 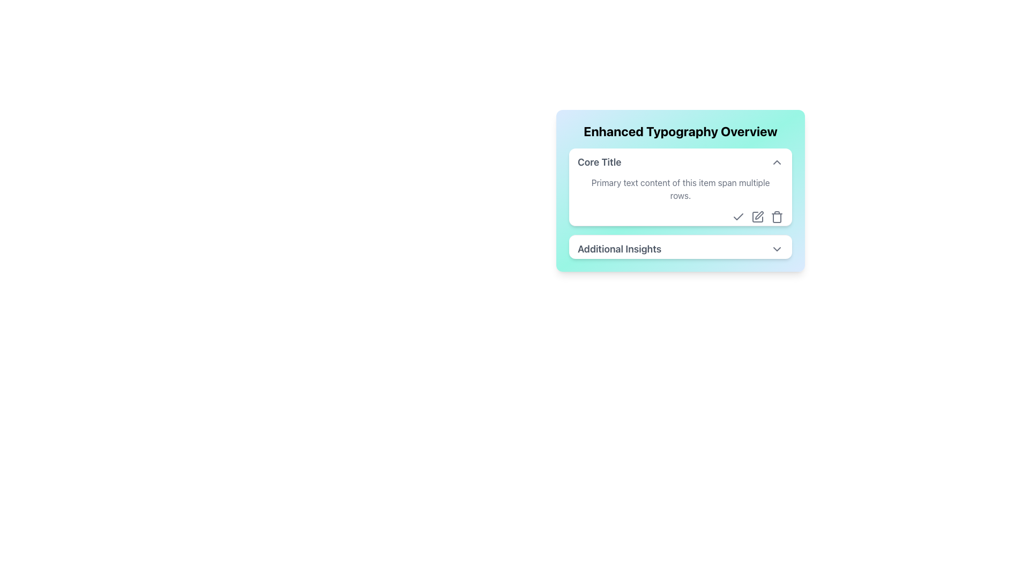 I want to click on the small upwards-pointing chevron icon button located to the right of the 'Core Title' text to darken its color, so click(x=777, y=162).